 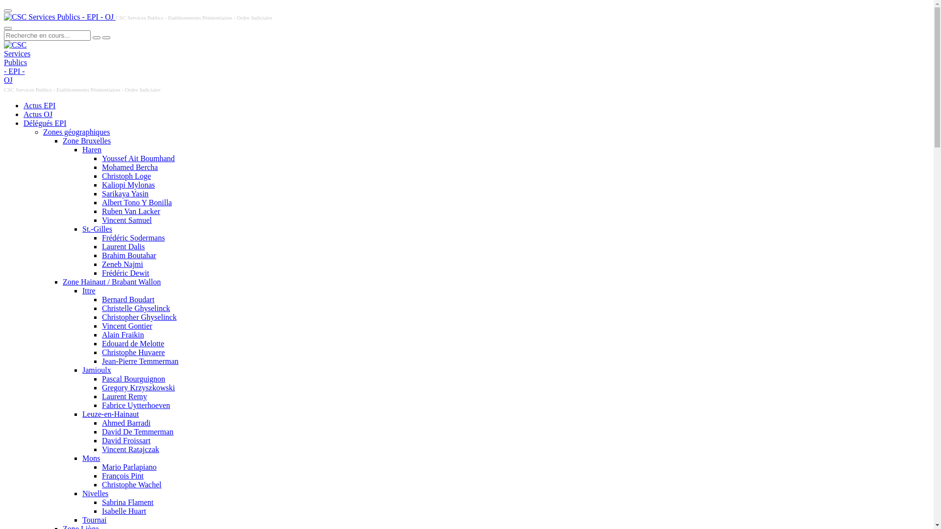 I want to click on 'Vincent Gontier', so click(x=126, y=326).